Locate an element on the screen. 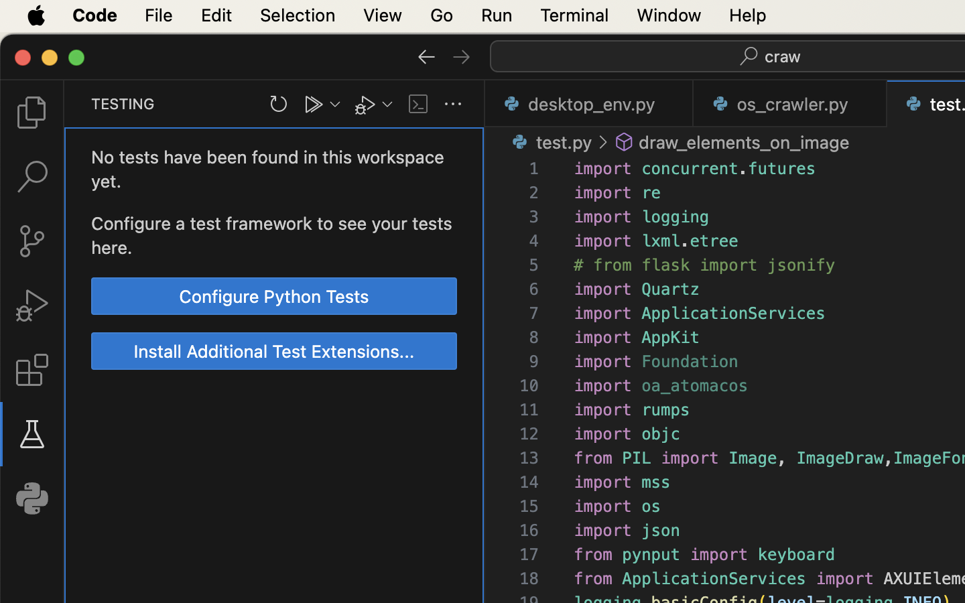  '0 desktop_env.py  ' is located at coordinates (588, 103).